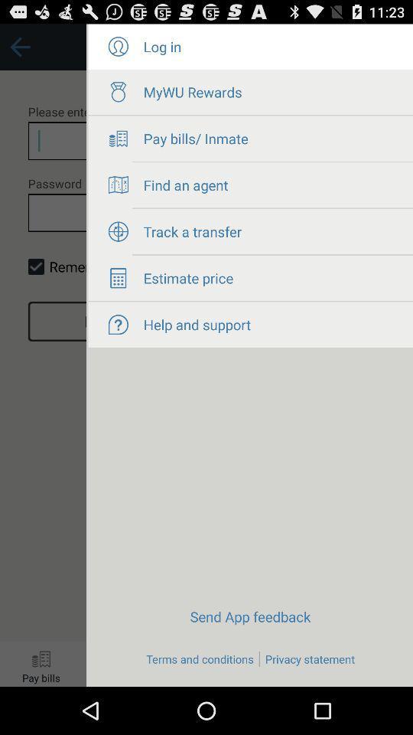  I want to click on the avatar icon, so click(117, 50).